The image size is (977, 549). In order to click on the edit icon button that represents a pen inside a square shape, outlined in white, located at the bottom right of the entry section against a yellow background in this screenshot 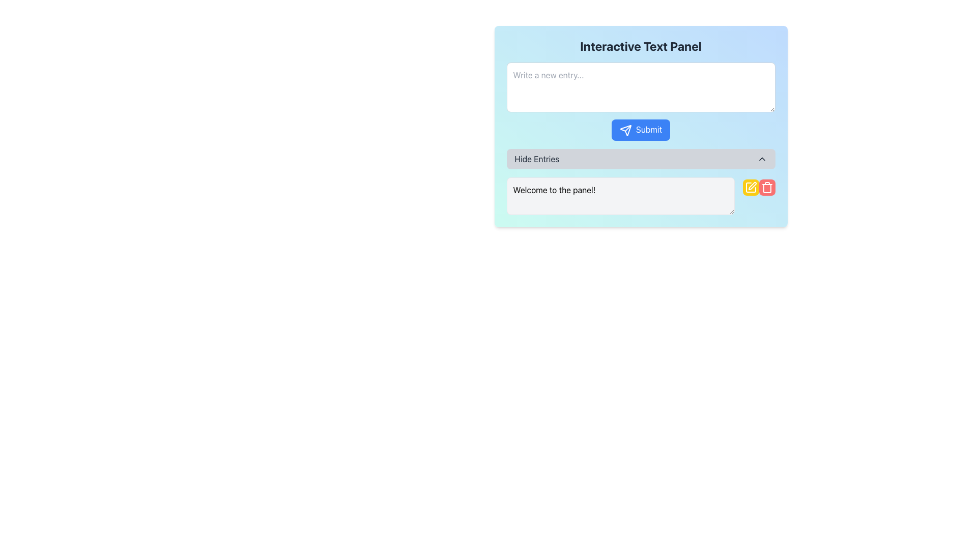, I will do `click(751, 187)`.